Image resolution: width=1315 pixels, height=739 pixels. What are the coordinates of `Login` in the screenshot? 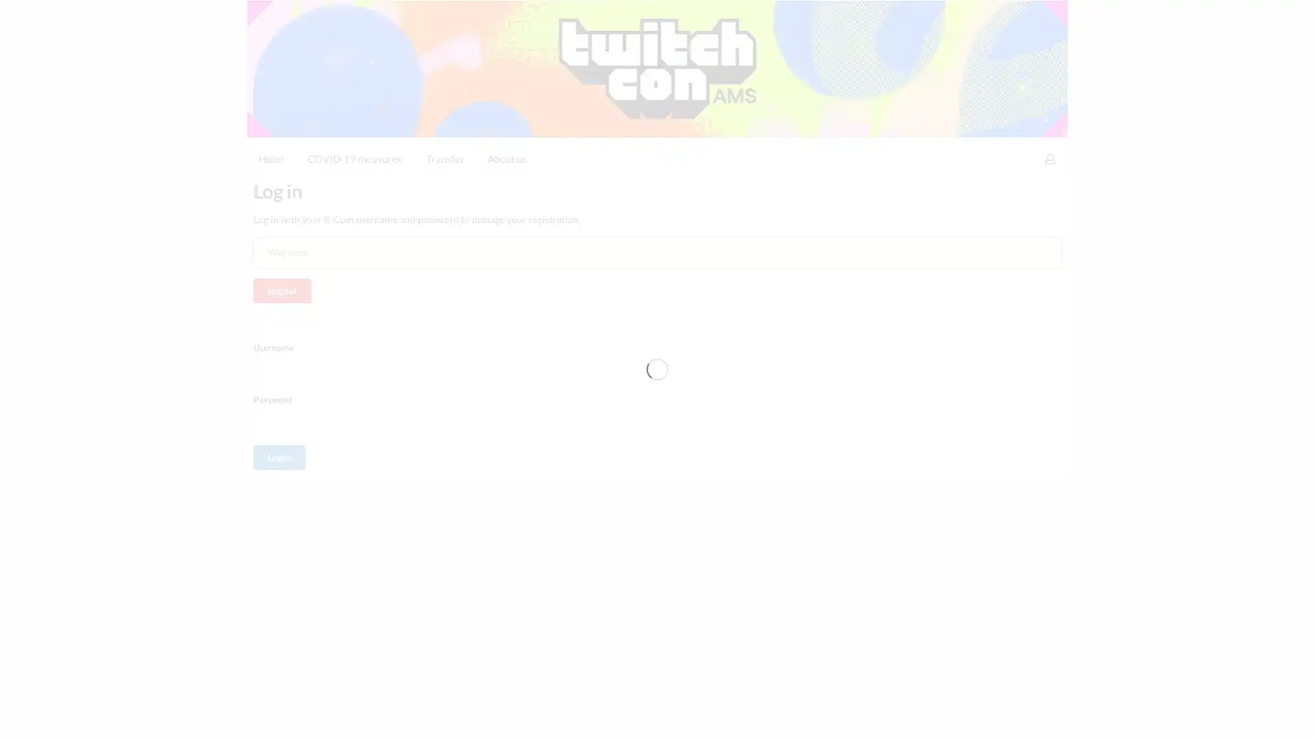 It's located at (279, 352).